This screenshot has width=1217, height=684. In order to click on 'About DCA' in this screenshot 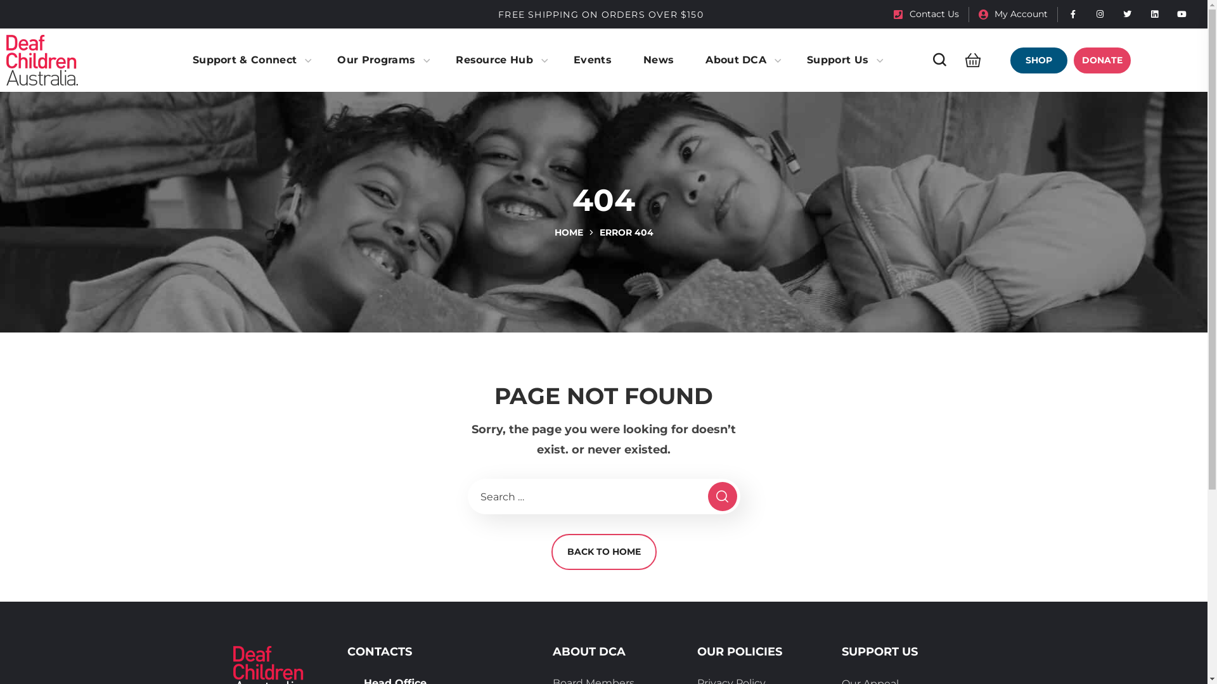, I will do `click(740, 60)`.